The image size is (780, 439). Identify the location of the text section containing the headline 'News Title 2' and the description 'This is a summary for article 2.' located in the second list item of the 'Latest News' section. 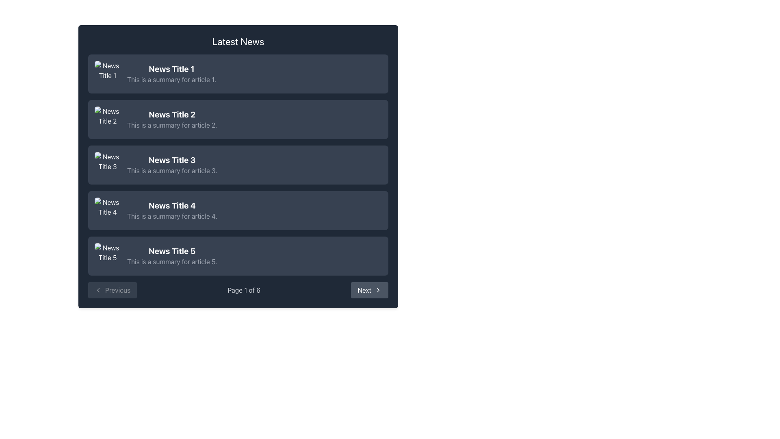
(171, 119).